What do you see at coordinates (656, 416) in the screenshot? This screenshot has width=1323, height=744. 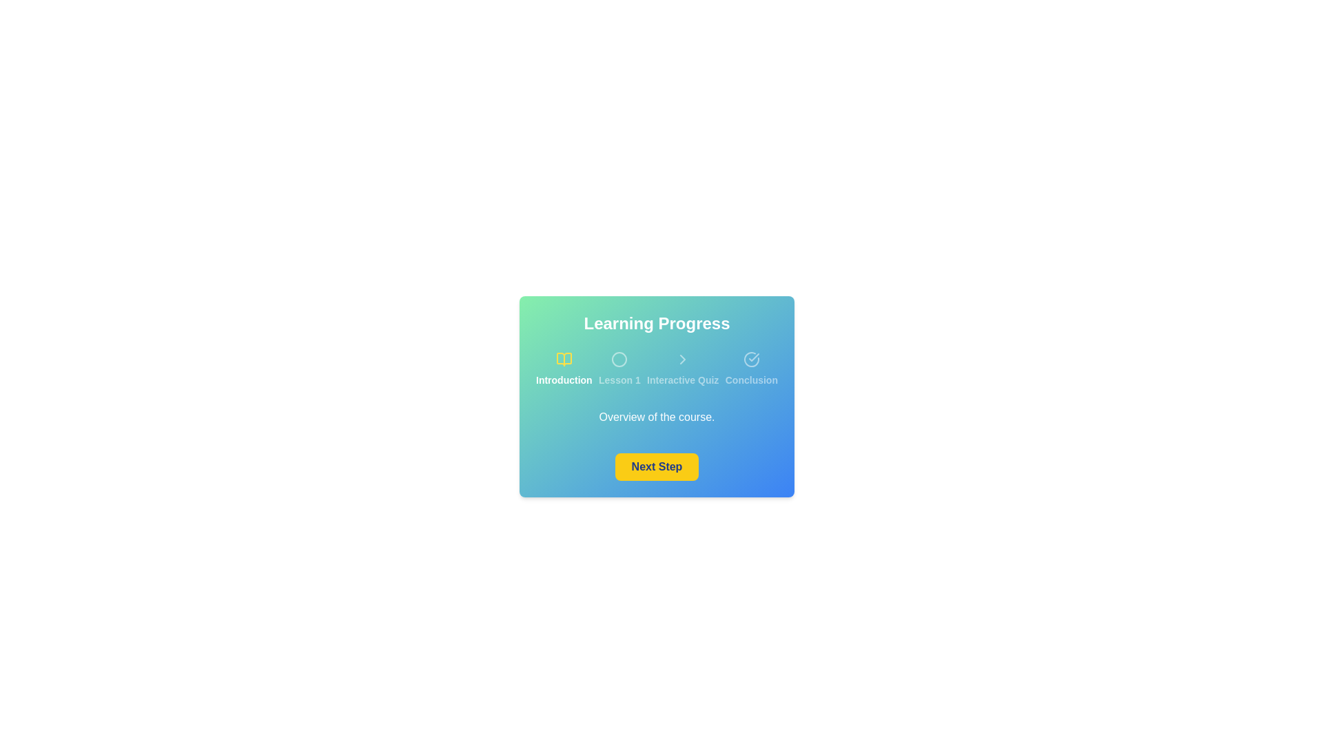 I see `the static text label displaying 'Overview of the course', which is centrally aligned within a card, located below the 'Learning Progress' heading and above the 'Next Step' button` at bounding box center [656, 416].